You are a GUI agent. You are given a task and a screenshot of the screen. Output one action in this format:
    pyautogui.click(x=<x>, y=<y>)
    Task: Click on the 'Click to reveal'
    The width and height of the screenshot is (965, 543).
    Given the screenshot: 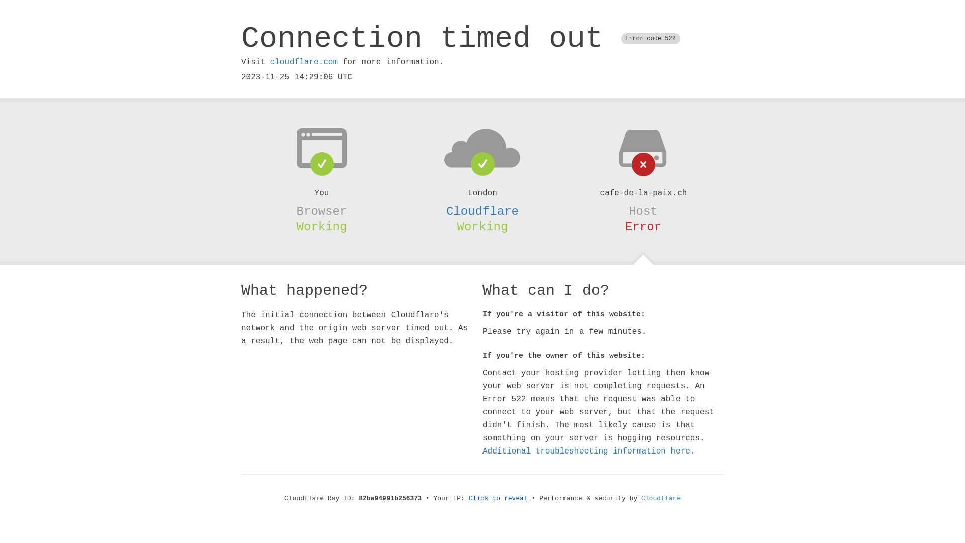 What is the action you would take?
    pyautogui.click(x=498, y=498)
    